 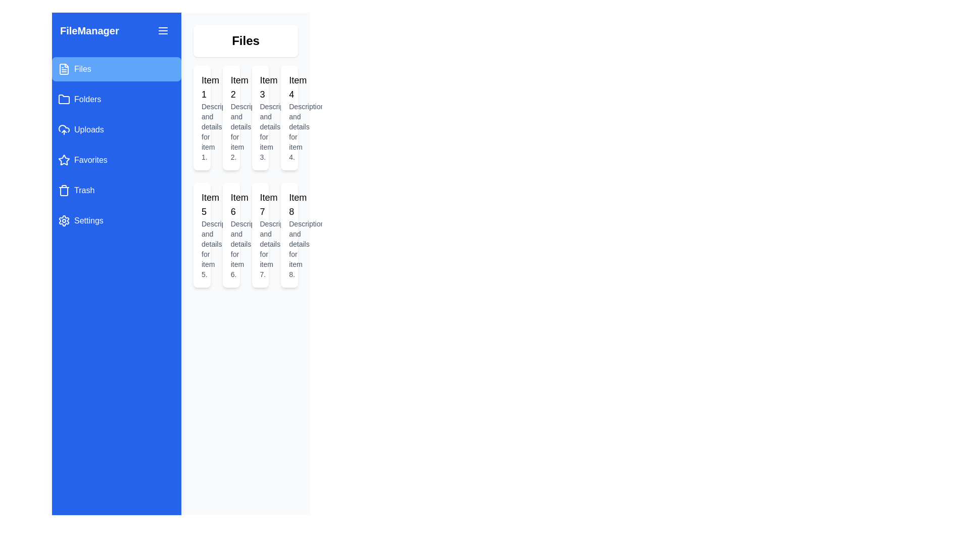 I want to click on the blue trash icon in the sidebar navigation menu, which is located directly to the left of the 'Trash' text, so click(x=63, y=191).